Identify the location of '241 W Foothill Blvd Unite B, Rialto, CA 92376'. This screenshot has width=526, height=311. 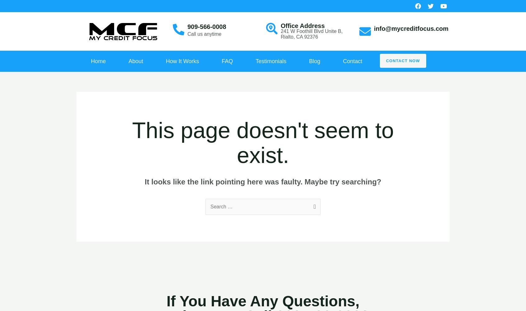
(280, 34).